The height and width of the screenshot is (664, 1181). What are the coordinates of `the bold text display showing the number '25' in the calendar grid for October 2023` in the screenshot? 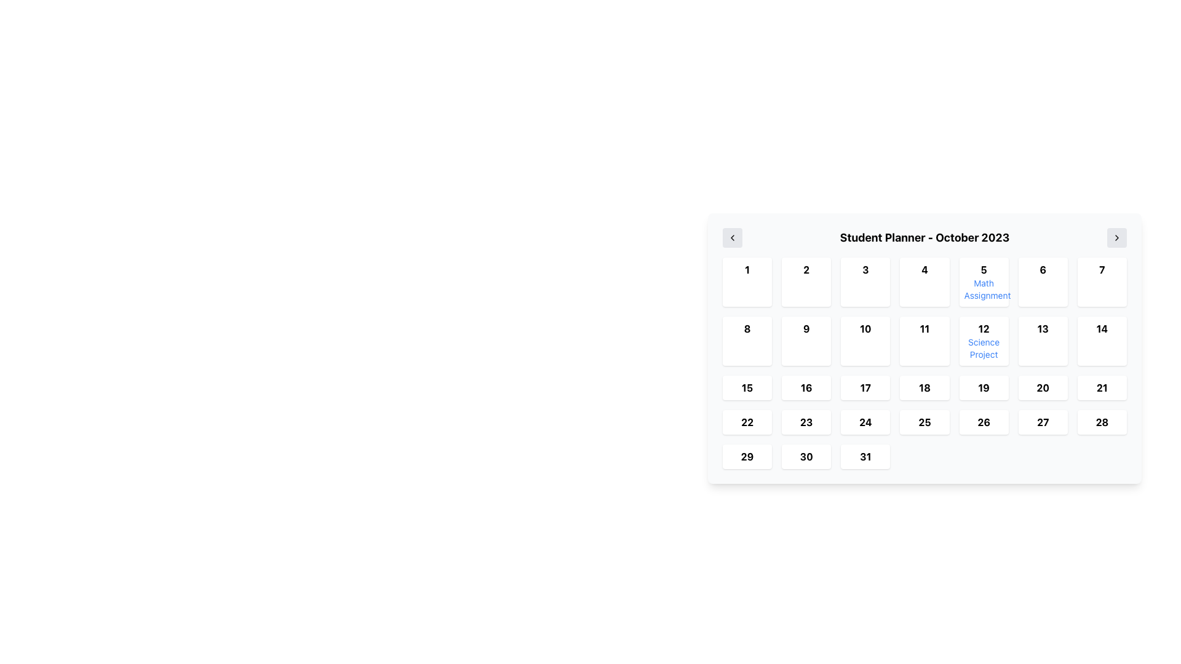 It's located at (925, 421).